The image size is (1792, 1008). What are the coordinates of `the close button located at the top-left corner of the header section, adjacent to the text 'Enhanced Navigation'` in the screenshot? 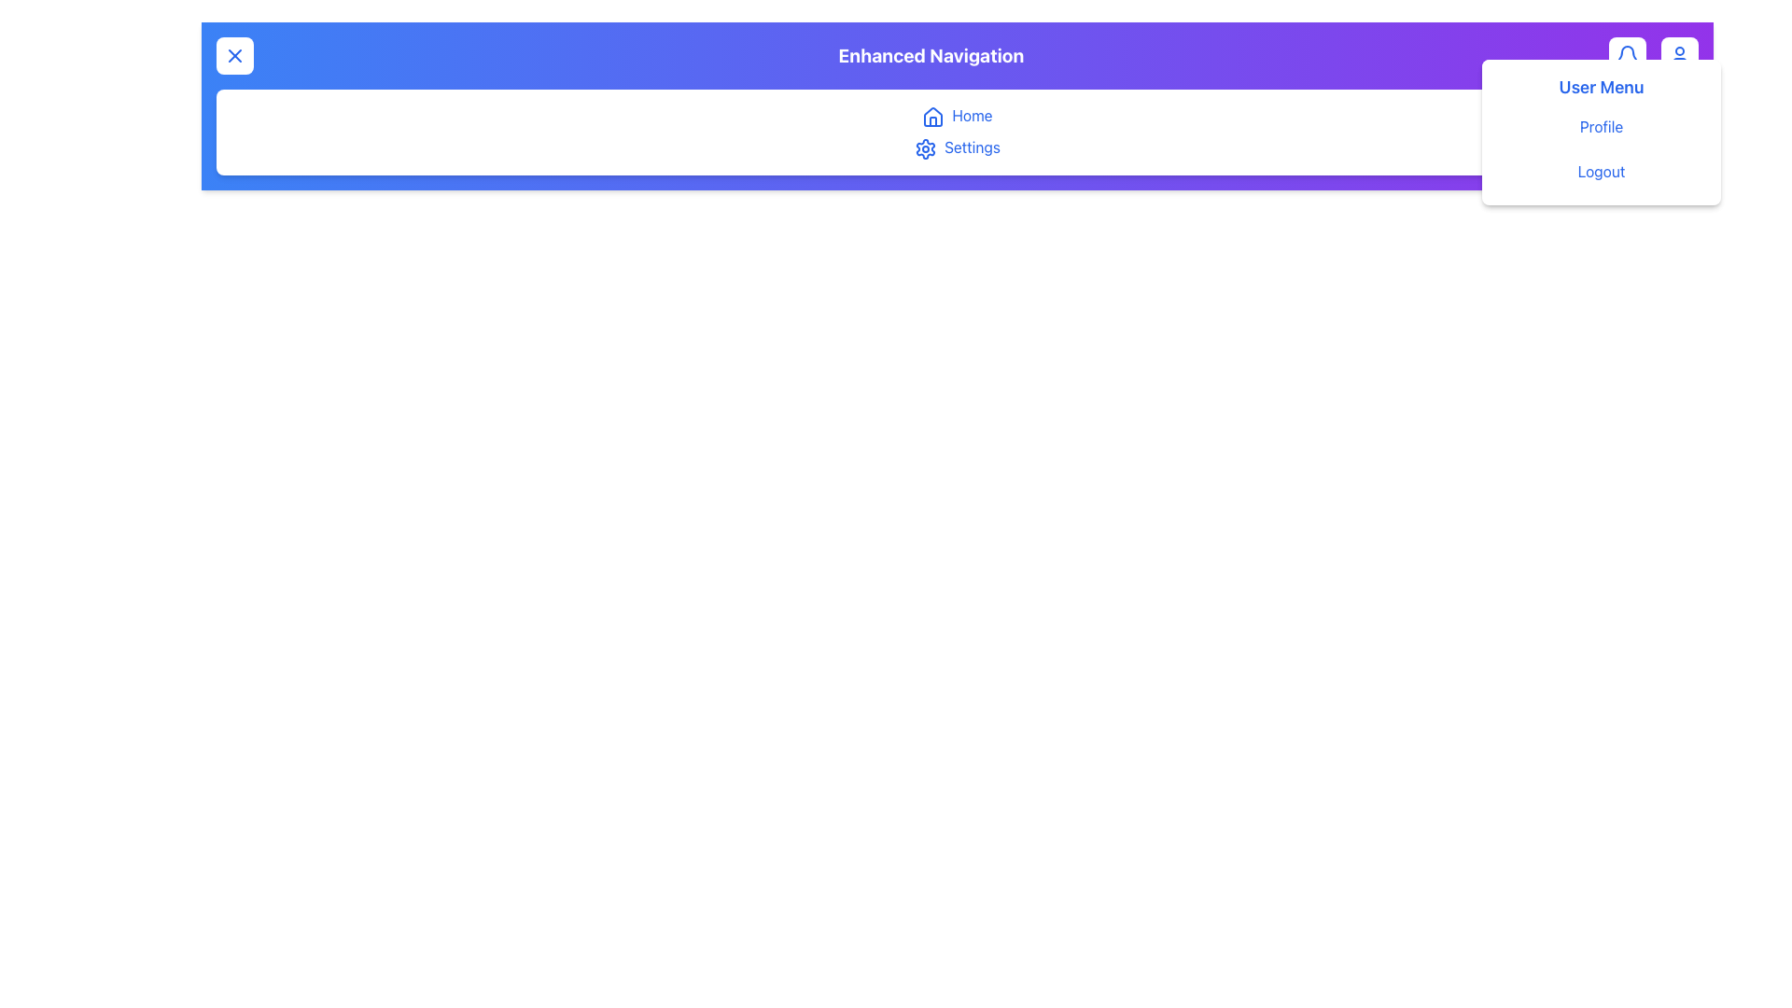 It's located at (234, 55).